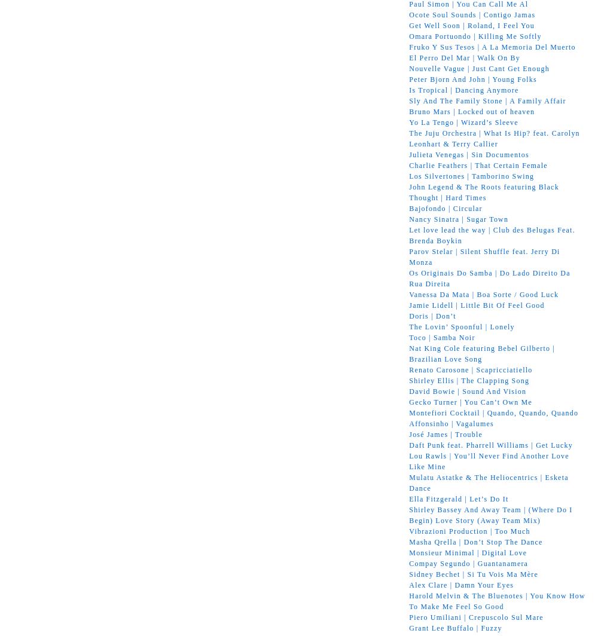 This screenshot has width=598, height=636. What do you see at coordinates (479, 68) in the screenshot?
I see `'Nouvelle Vague | Just Cant Get Enough'` at bounding box center [479, 68].